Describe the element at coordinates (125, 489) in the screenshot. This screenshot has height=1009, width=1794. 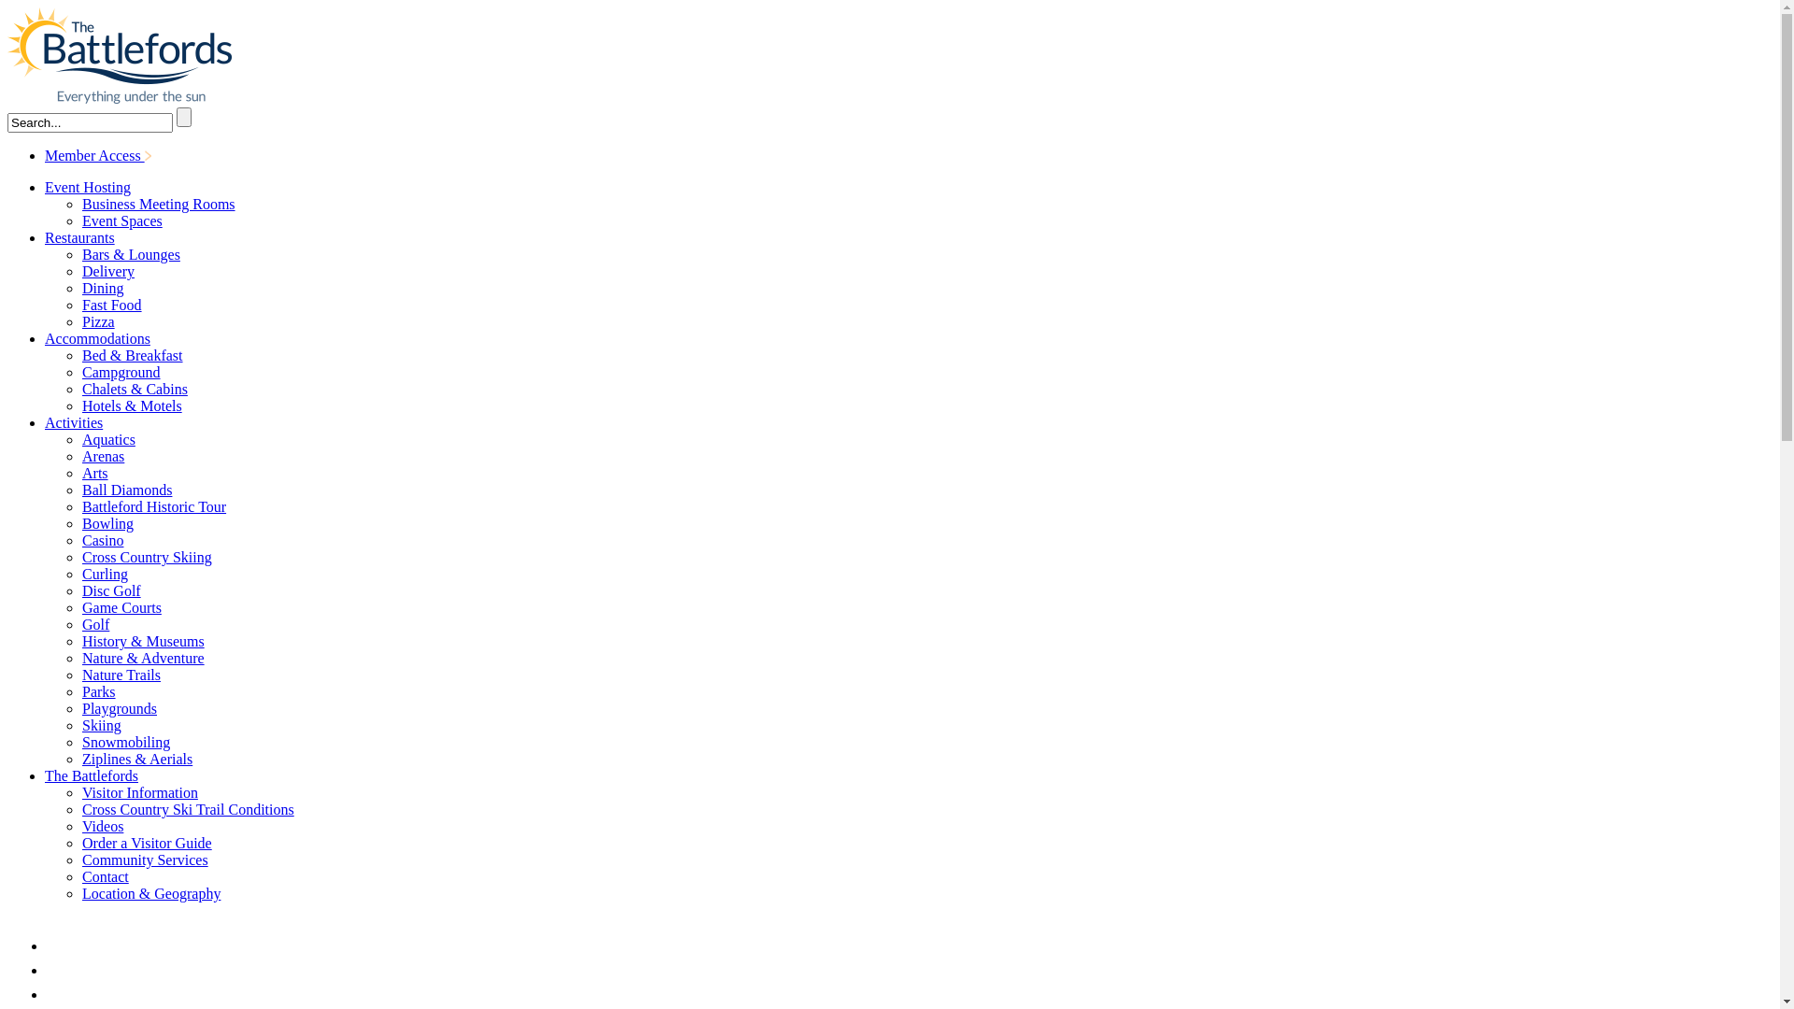
I see `'Ball Diamonds'` at that location.